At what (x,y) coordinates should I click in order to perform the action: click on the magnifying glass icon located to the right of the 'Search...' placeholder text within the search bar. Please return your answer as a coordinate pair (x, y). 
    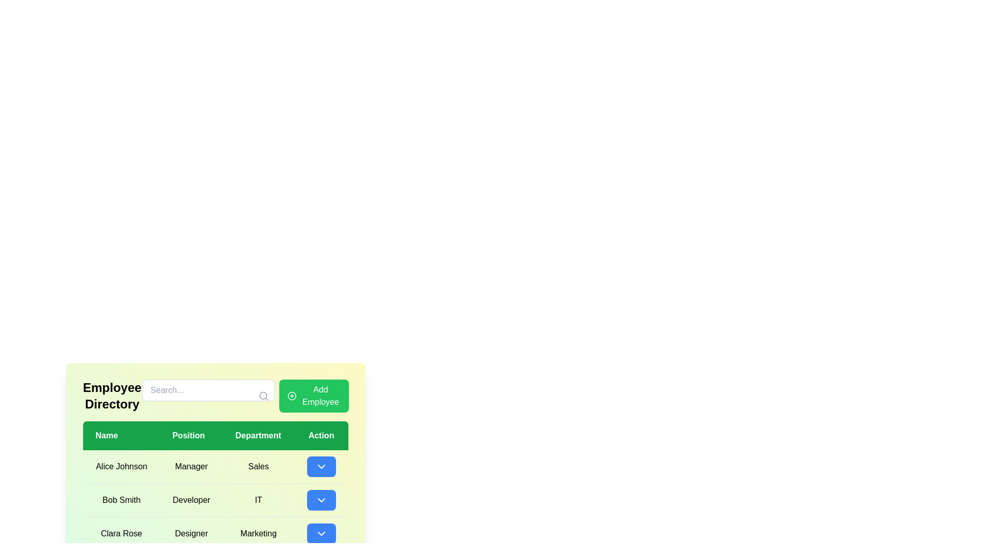
    Looking at the image, I should click on (263, 395).